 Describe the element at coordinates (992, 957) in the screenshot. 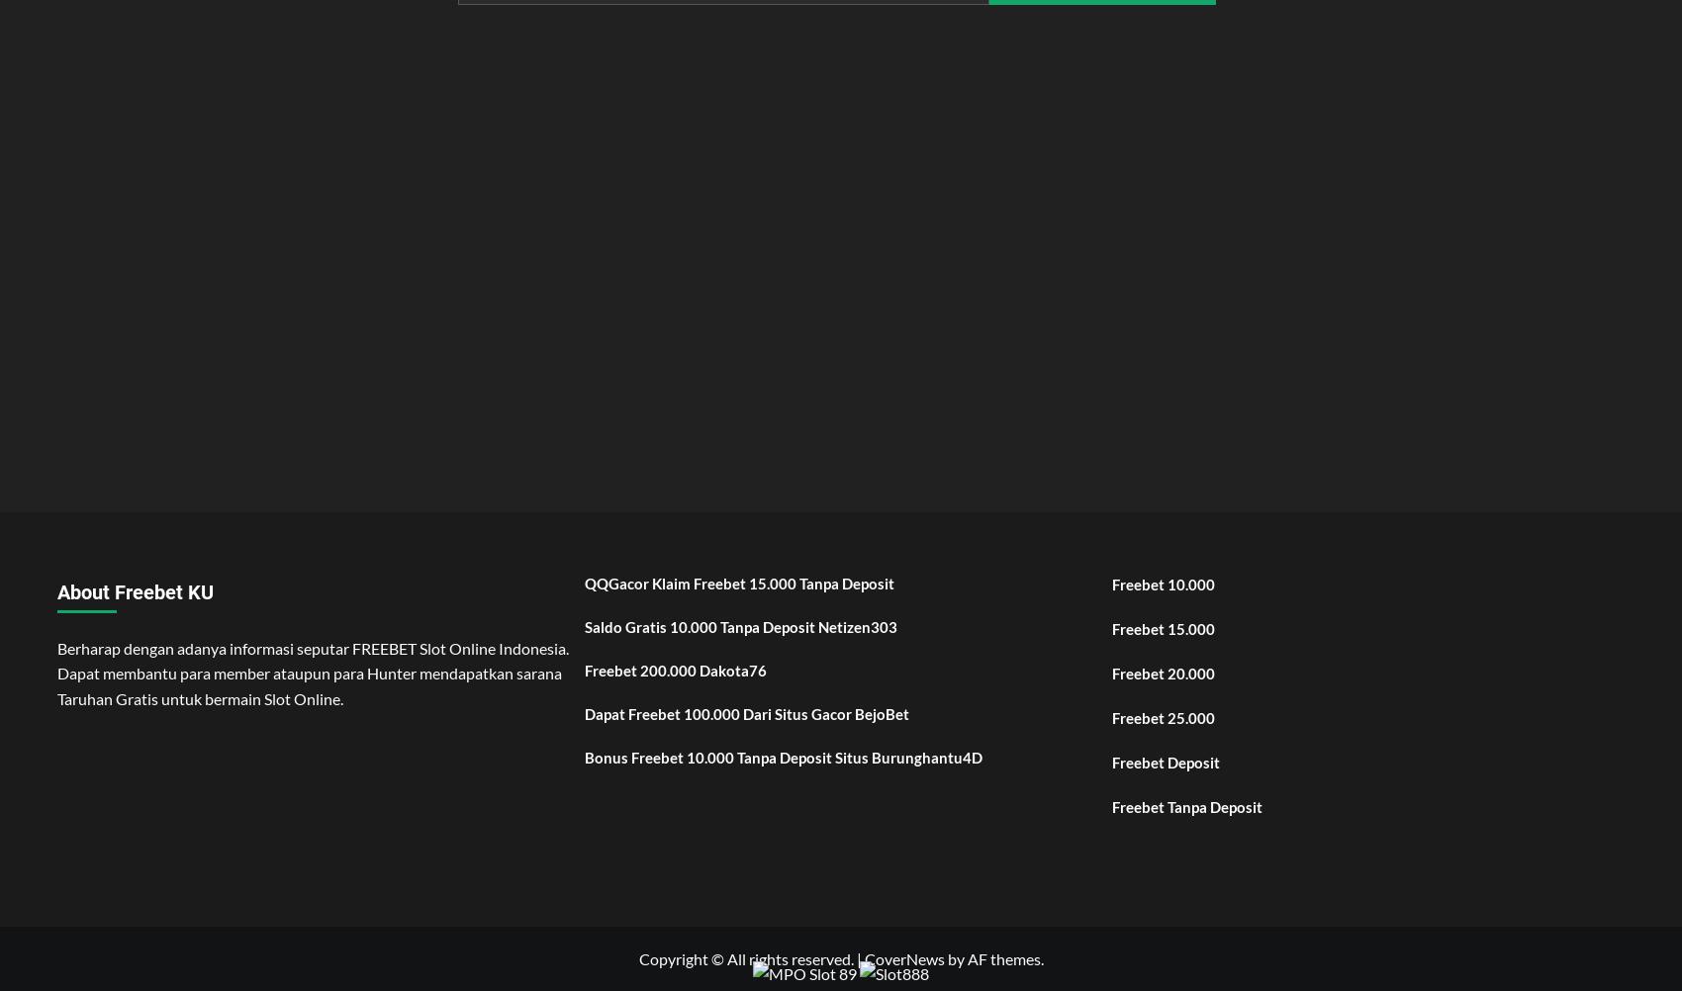

I see `'by AF themes.'` at that location.